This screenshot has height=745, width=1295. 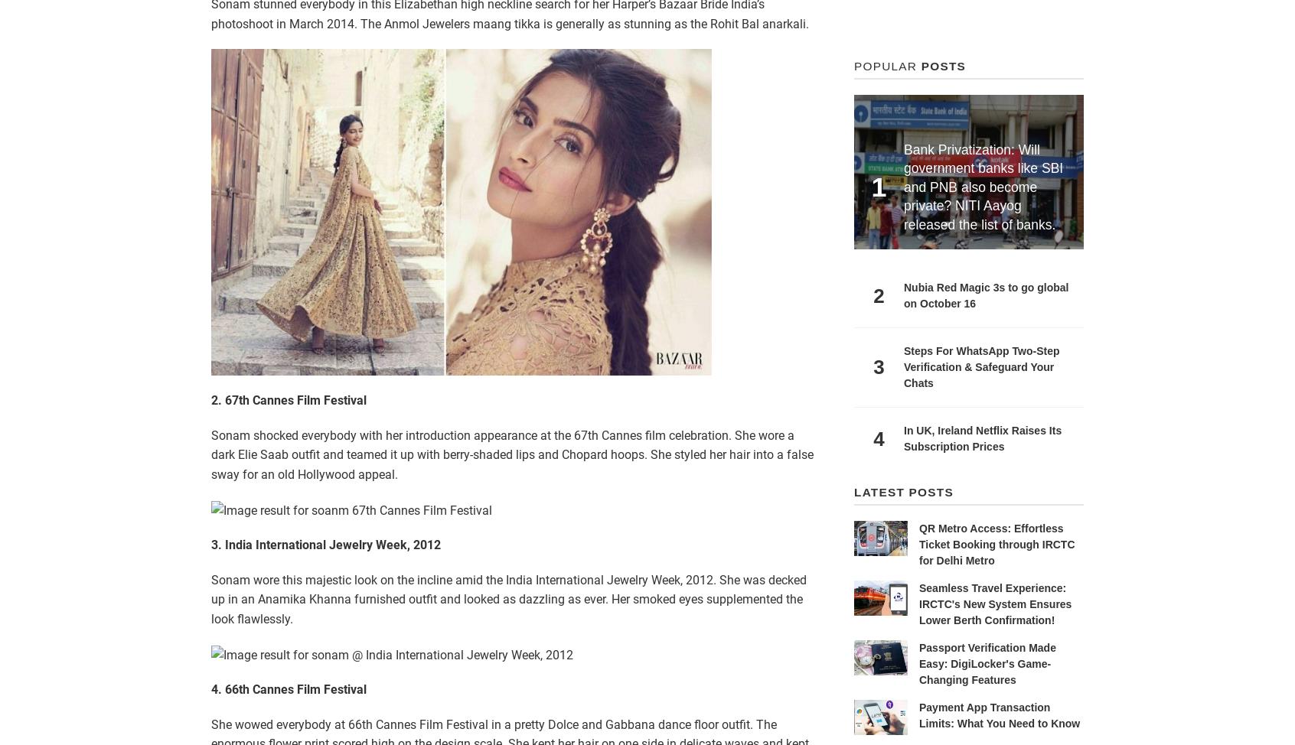 What do you see at coordinates (289, 400) in the screenshot?
I see `'2. 67th Cannes Film Festival'` at bounding box center [289, 400].